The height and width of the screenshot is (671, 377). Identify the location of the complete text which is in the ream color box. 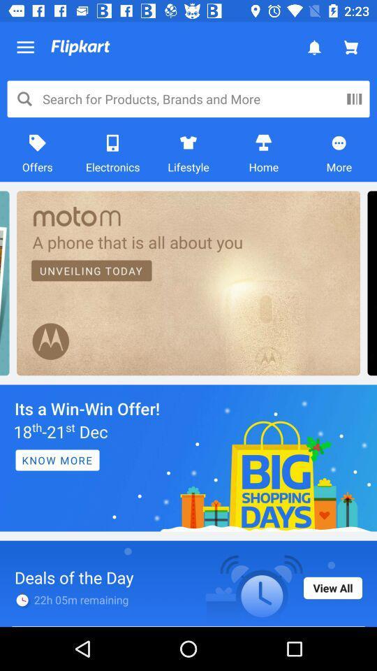
(188, 282).